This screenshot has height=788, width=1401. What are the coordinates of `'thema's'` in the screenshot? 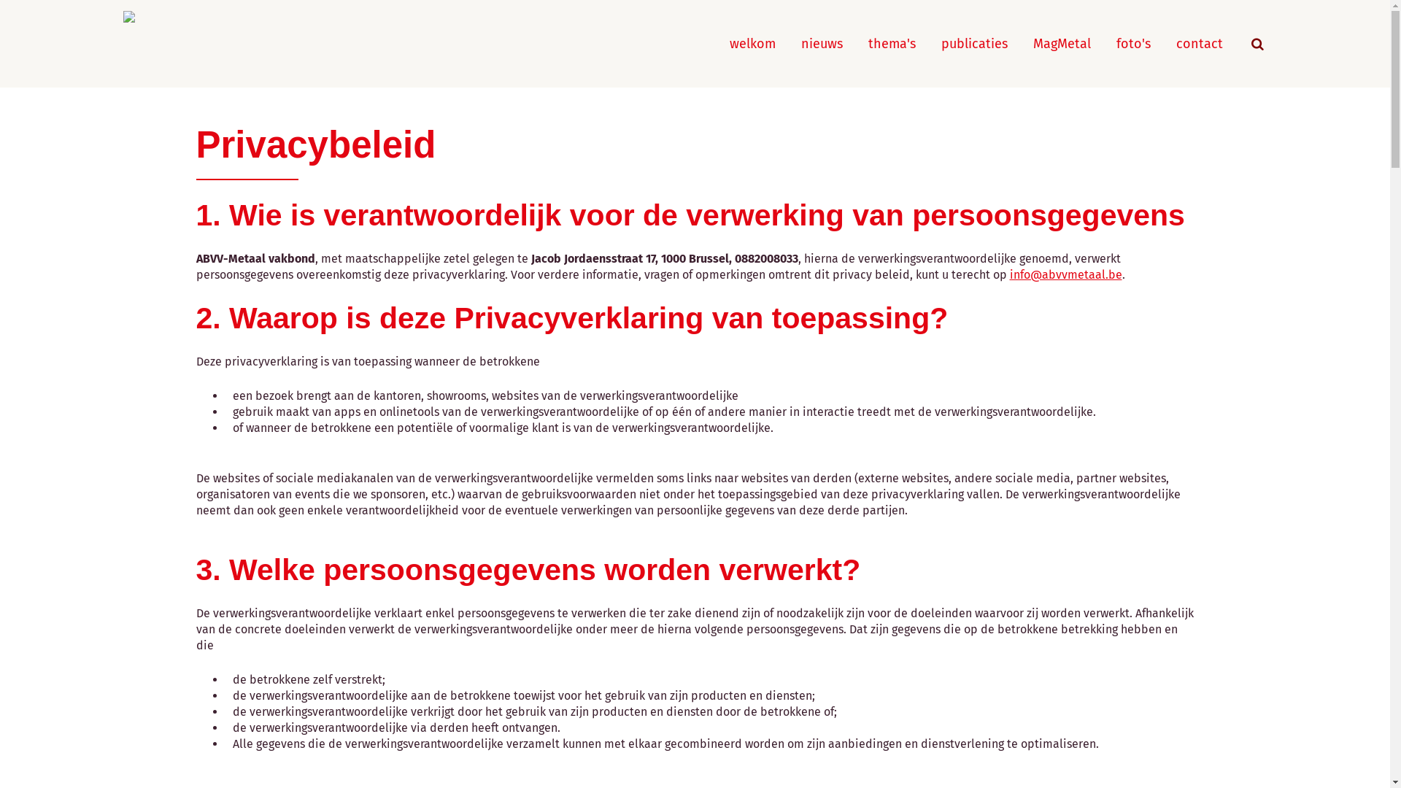 It's located at (868, 43).